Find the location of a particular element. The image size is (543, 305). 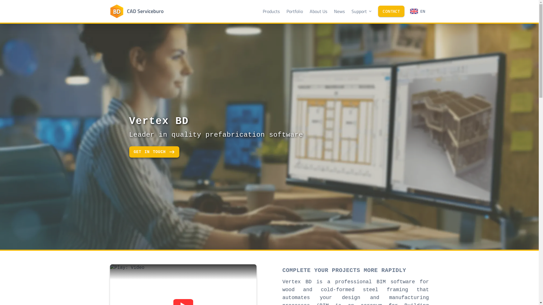

'About Us' is located at coordinates (318, 11).